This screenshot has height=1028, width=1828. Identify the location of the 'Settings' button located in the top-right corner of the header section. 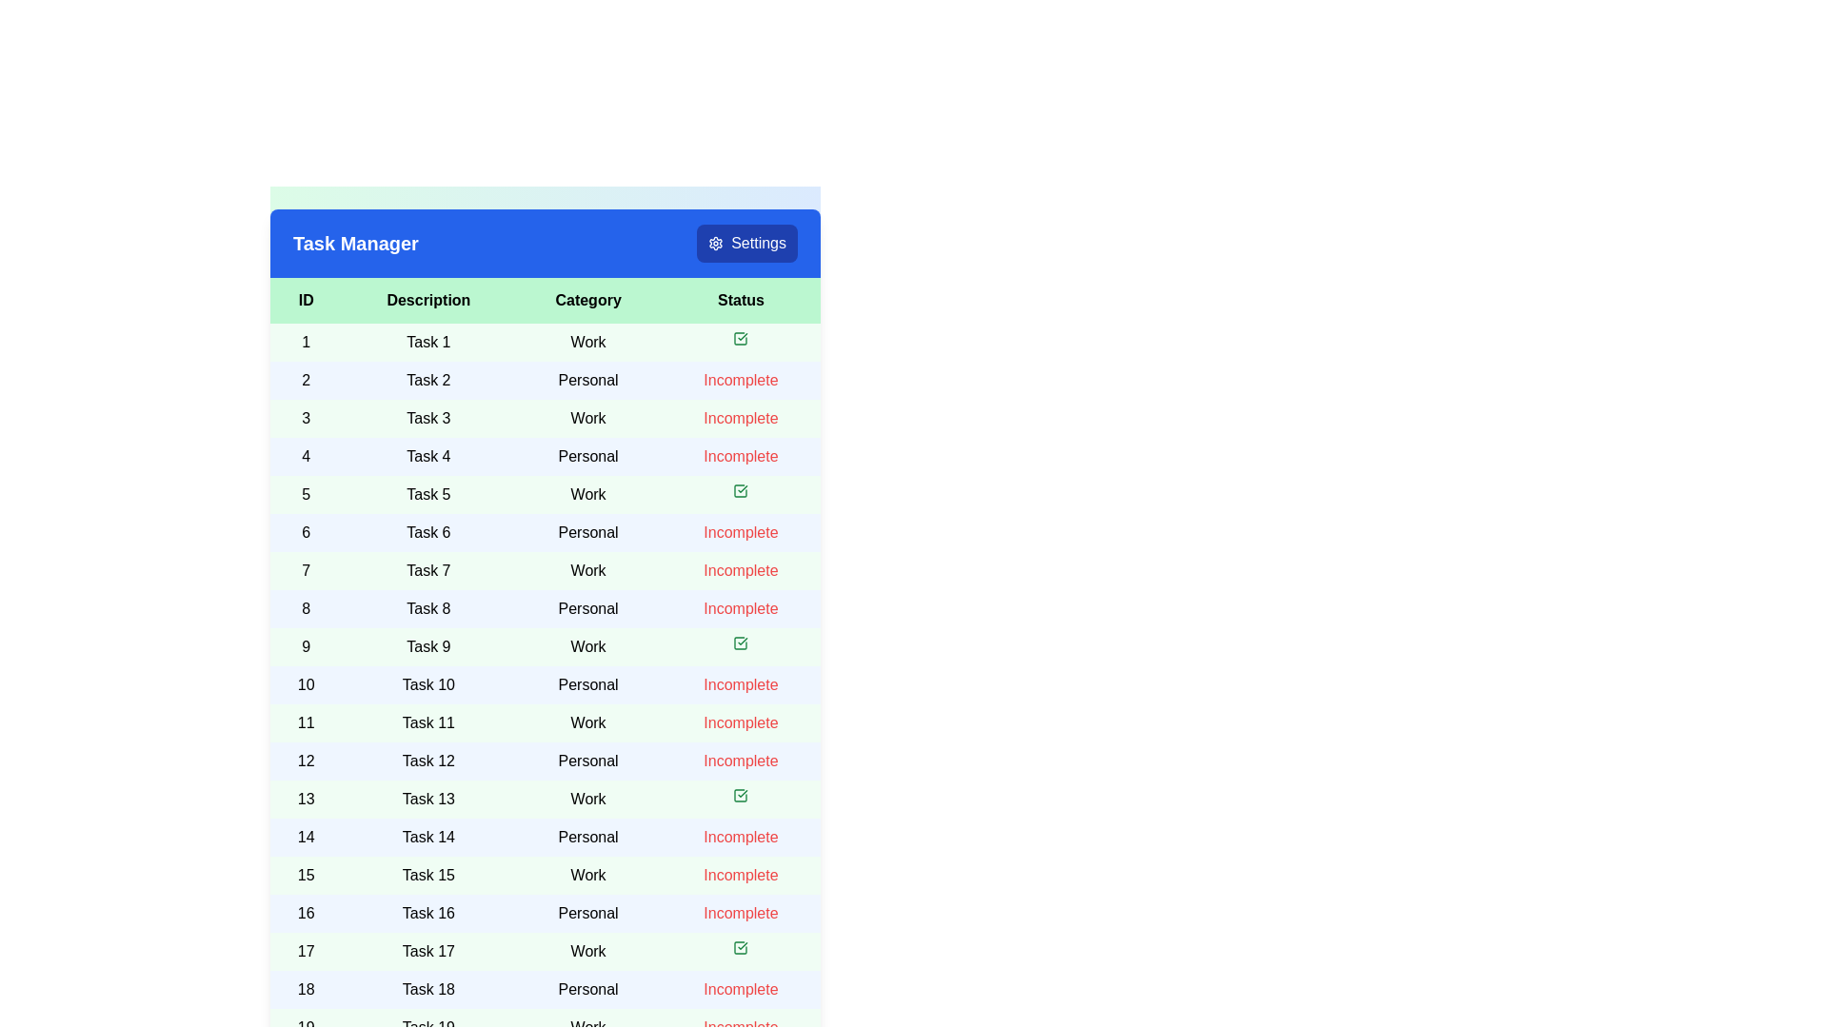
(746, 242).